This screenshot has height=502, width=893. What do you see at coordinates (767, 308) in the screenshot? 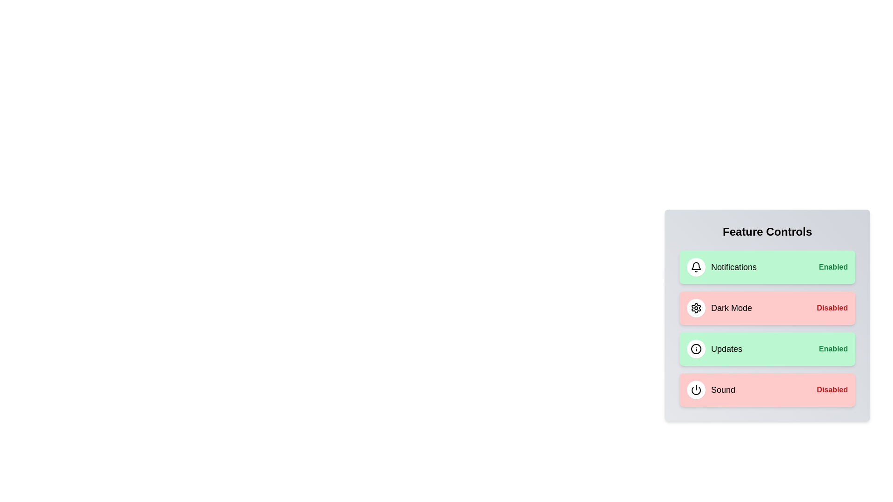
I see `the feature Dark Mode to trigger visual feedback` at bounding box center [767, 308].